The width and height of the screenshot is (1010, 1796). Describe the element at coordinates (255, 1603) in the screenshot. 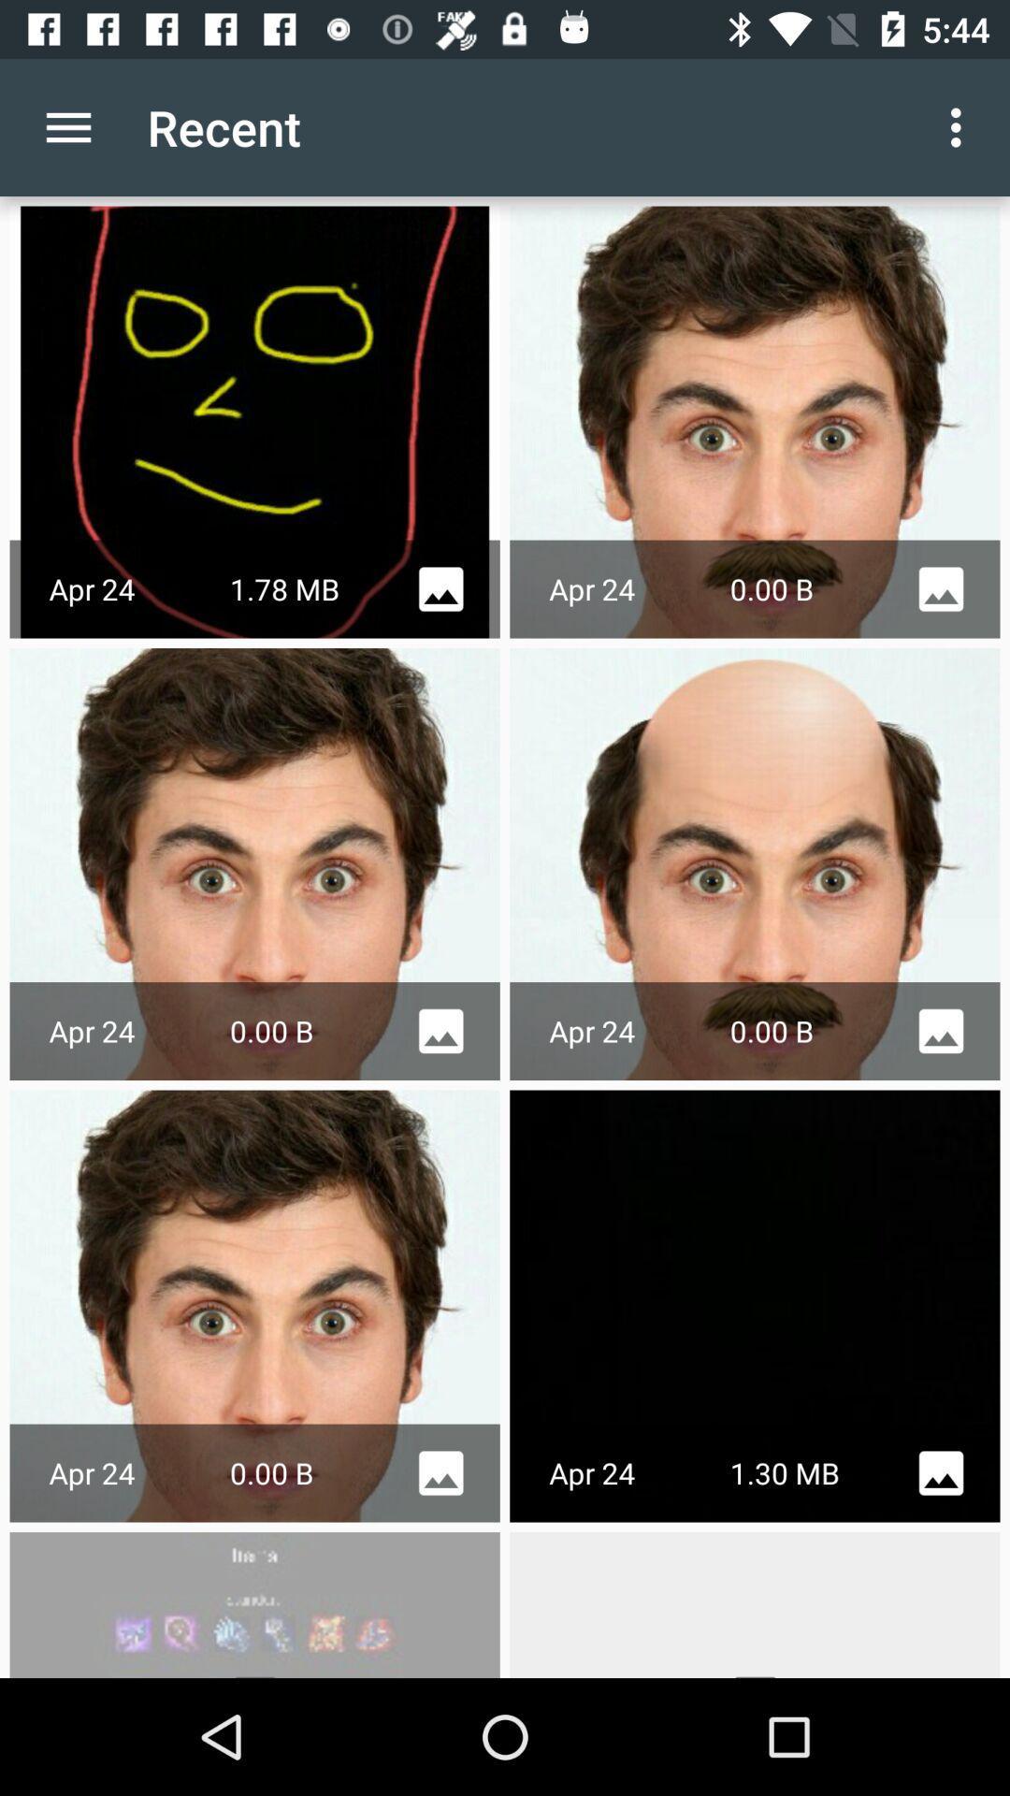

I see `left bottom box` at that location.